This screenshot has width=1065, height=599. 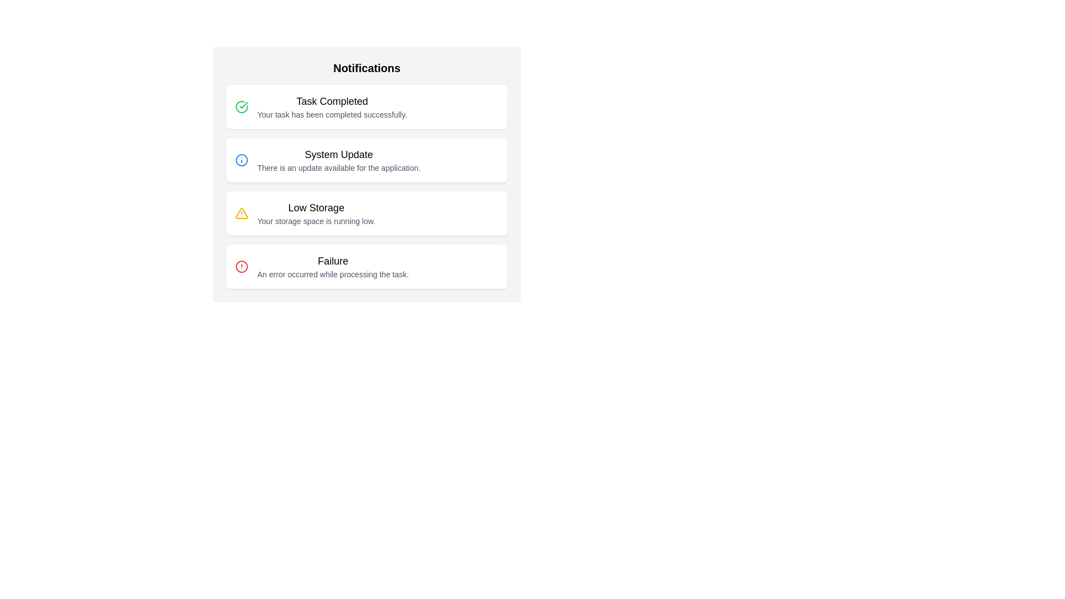 What do you see at coordinates (316, 221) in the screenshot?
I see `information from the text label displaying 'Your storage space is running low.' located beneath the 'Low Storage' title in the third notification box` at bounding box center [316, 221].